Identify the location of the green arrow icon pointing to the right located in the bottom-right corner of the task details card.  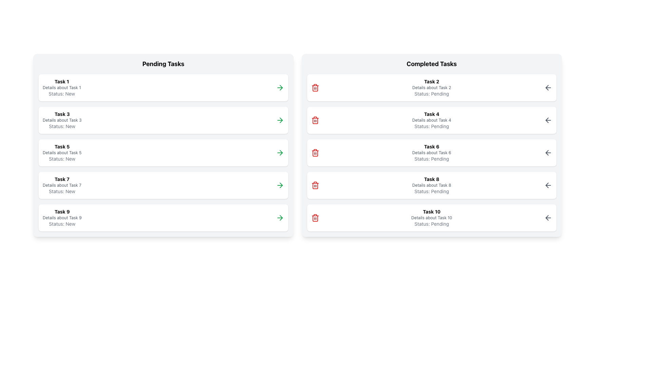
(280, 87).